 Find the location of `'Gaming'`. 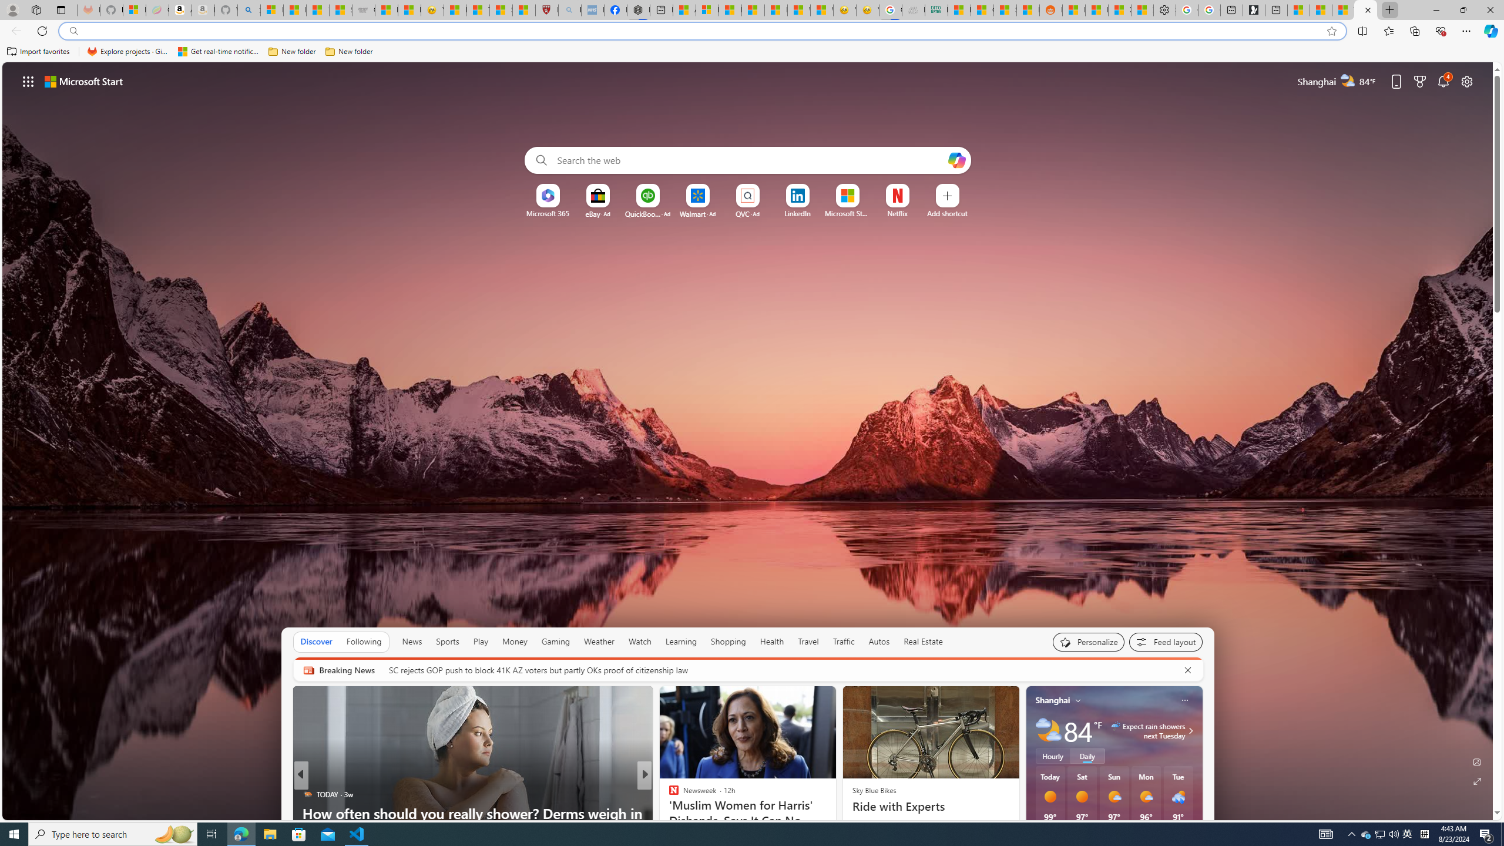

'Gaming' is located at coordinates (555, 641).